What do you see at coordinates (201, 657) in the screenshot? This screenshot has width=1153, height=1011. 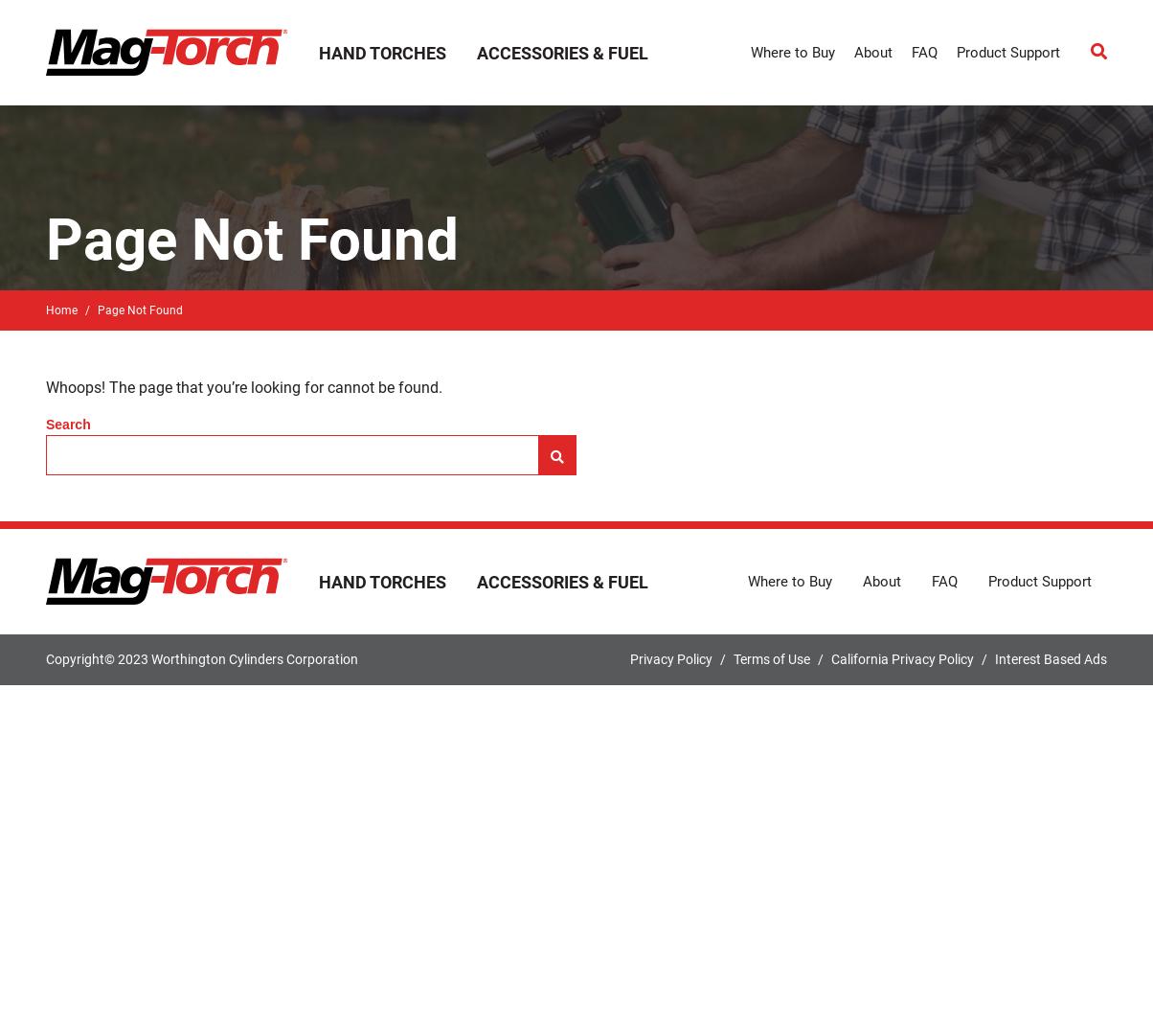 I see `'Copyright© 2023 Worthington Cylinders Corporation'` at bounding box center [201, 657].